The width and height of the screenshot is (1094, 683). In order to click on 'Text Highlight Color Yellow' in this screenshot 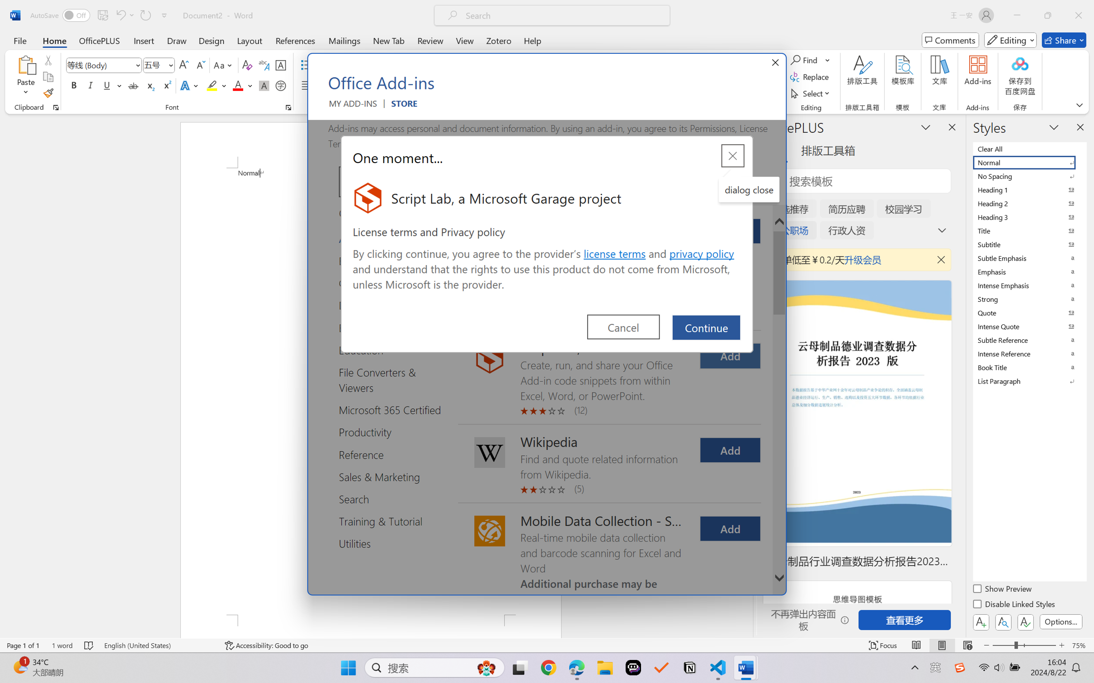, I will do `click(212, 85)`.